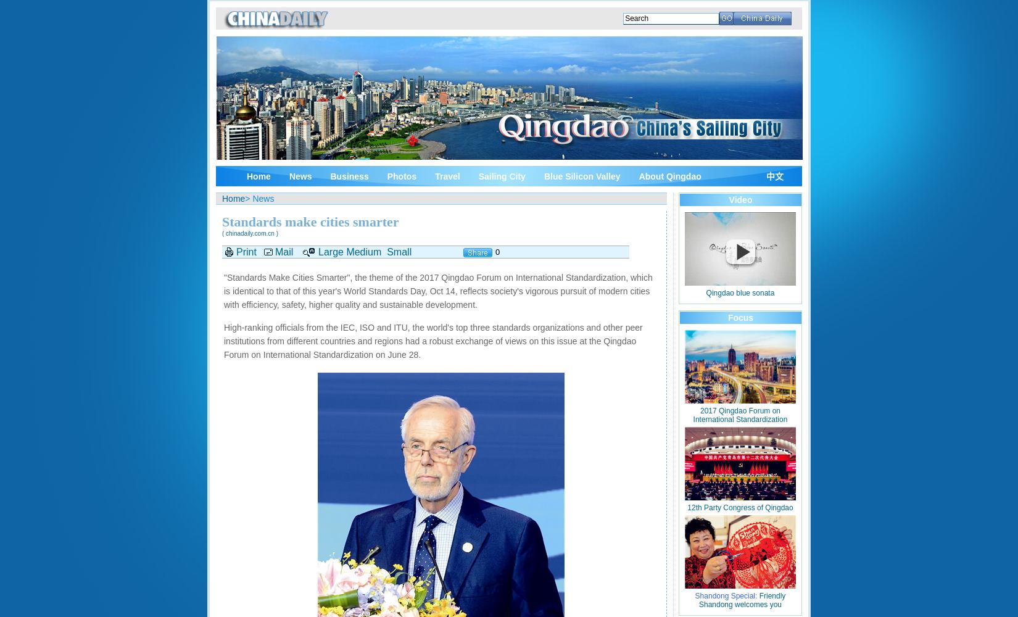 The height and width of the screenshot is (617, 1018). Describe the element at coordinates (740, 199) in the screenshot. I see `'Video'` at that location.